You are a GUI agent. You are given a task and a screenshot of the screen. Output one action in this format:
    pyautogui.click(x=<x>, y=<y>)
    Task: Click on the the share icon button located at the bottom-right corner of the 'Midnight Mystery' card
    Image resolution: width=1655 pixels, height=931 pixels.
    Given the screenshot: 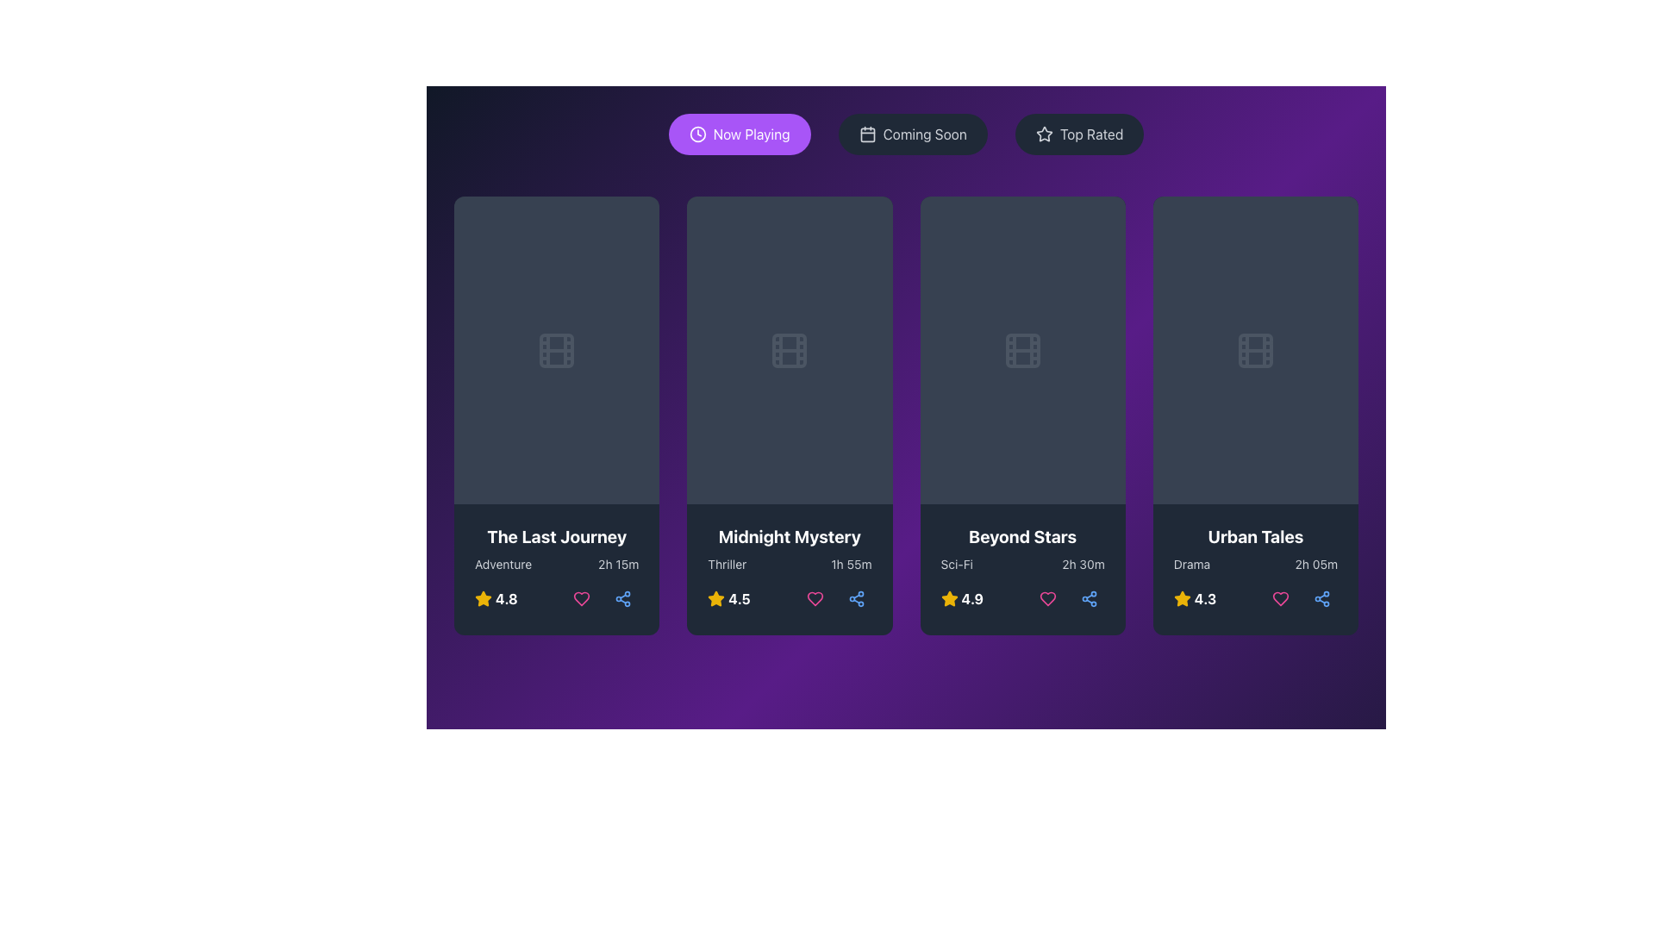 What is the action you would take?
    pyautogui.click(x=856, y=598)
    